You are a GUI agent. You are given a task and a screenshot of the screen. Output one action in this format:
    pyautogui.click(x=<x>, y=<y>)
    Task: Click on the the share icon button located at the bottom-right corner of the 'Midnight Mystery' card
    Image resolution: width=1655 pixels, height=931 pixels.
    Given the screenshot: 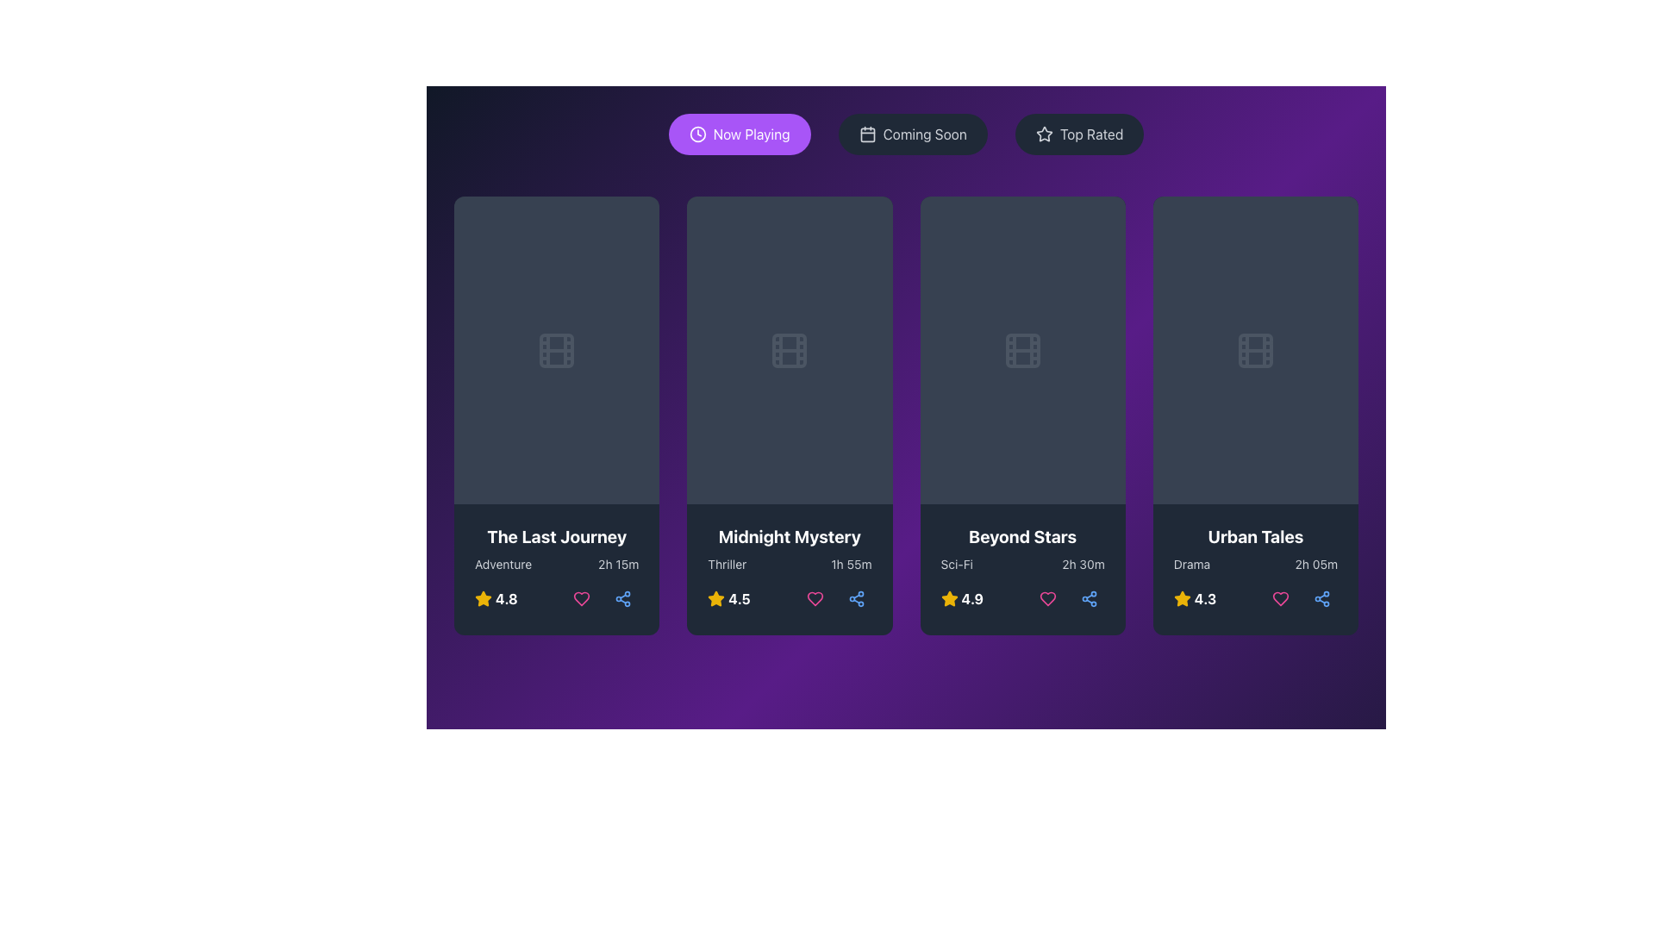 What is the action you would take?
    pyautogui.click(x=856, y=598)
    